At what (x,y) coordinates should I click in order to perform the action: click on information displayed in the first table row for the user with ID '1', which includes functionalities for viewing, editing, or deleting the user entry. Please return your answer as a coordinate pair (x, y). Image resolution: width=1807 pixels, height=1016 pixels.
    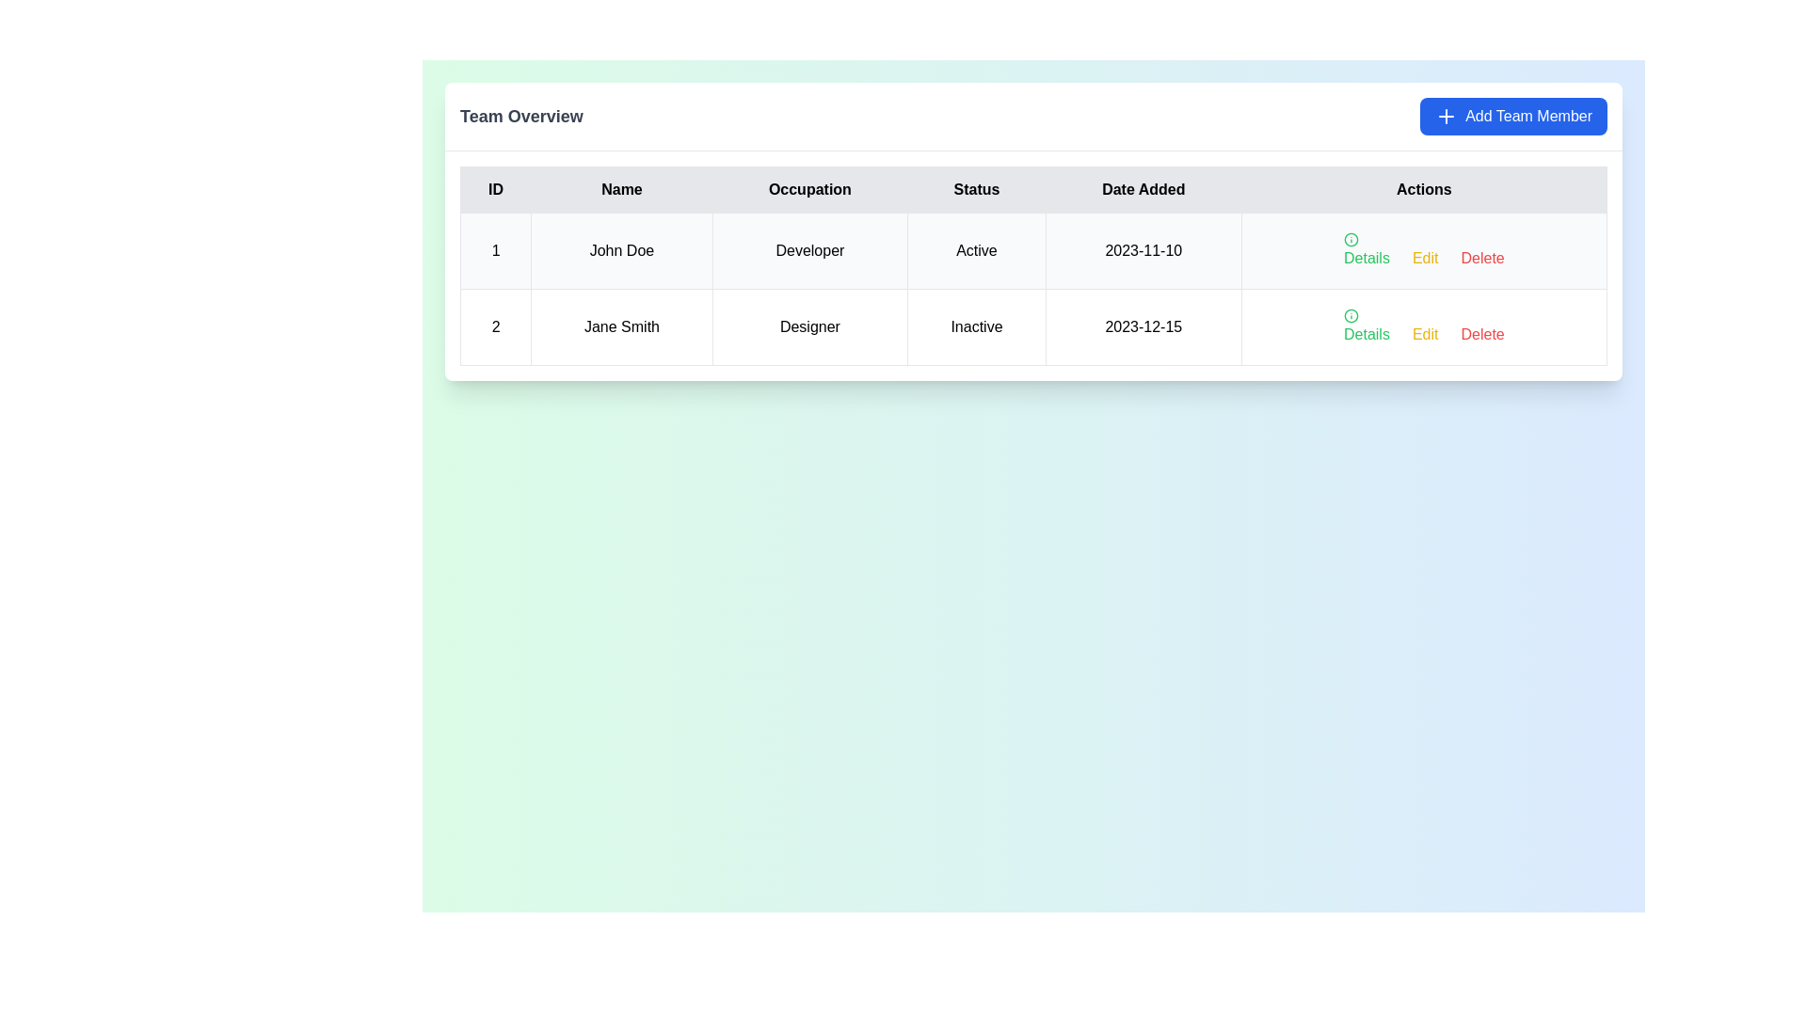
    Looking at the image, I should click on (1032, 249).